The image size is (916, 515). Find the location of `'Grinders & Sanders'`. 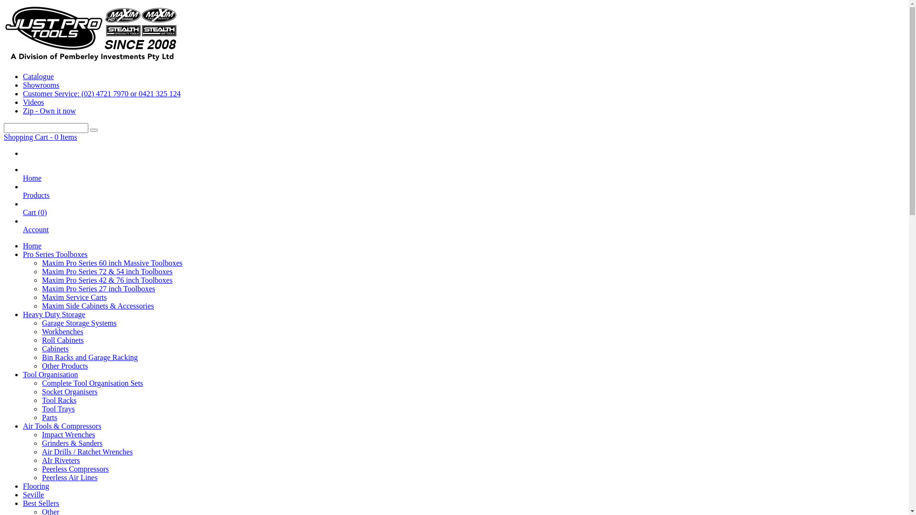

'Grinders & Sanders' is located at coordinates (72, 443).